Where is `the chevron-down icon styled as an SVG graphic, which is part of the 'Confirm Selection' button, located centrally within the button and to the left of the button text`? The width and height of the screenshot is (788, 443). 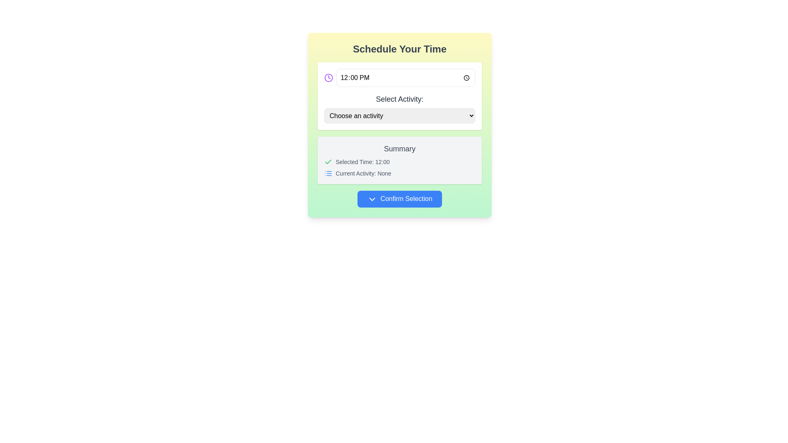
the chevron-down icon styled as an SVG graphic, which is part of the 'Confirm Selection' button, located centrally within the button and to the left of the button text is located at coordinates (371, 199).